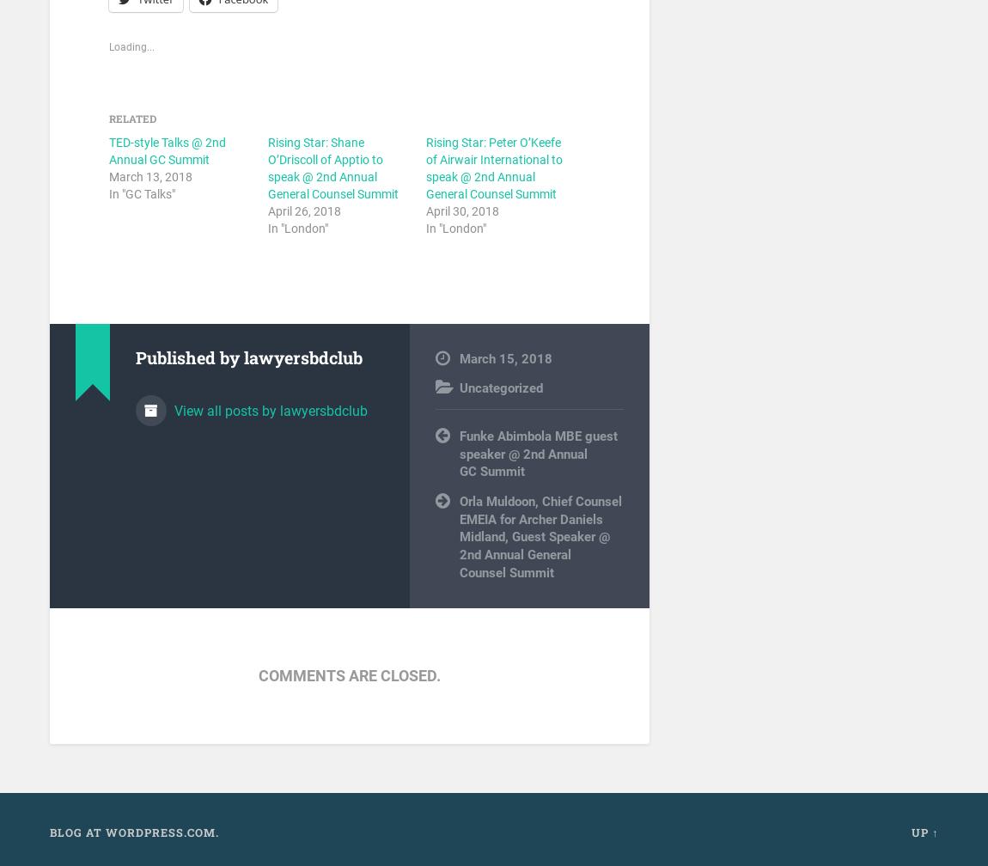  What do you see at coordinates (302, 356) in the screenshot?
I see `'lawyersbdclub'` at bounding box center [302, 356].